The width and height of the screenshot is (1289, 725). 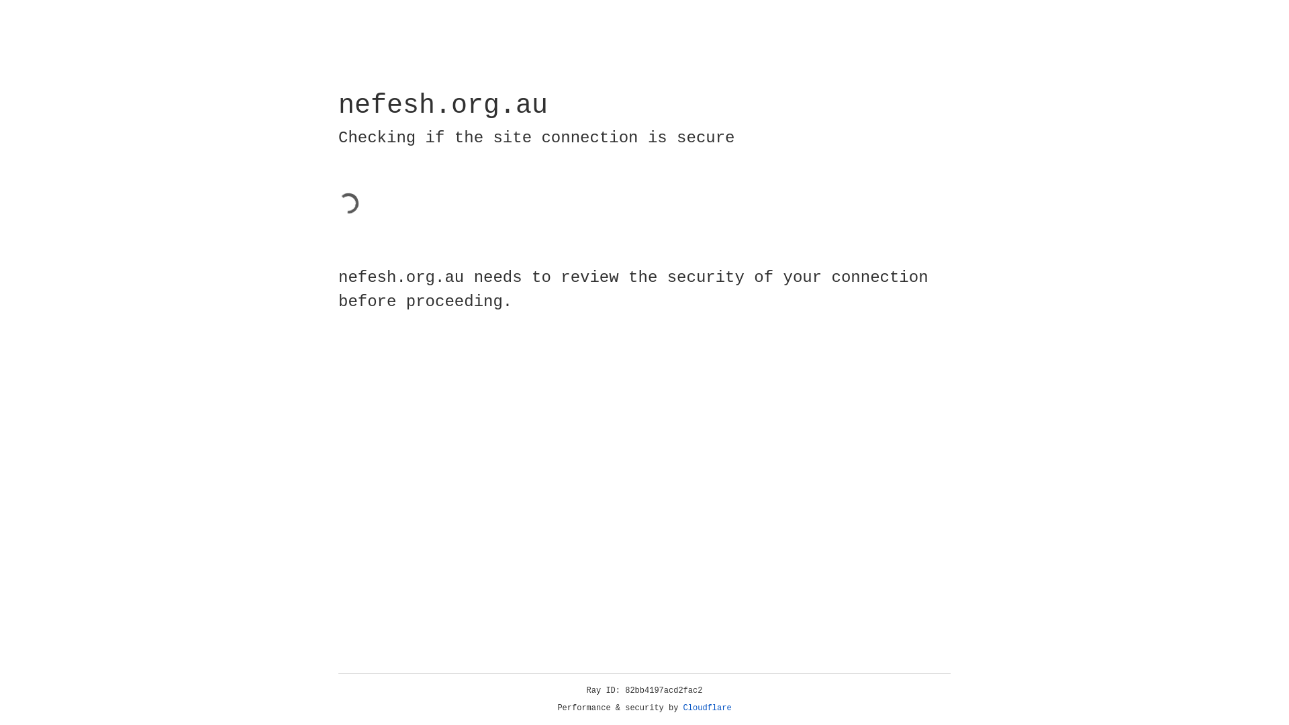 I want to click on 'Cloudflare', so click(x=707, y=708).